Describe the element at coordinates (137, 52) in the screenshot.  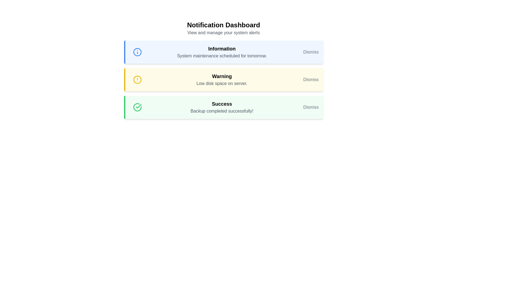
I see `the informational notification icon located to the left of the title 'Information' in the first notification card` at that location.